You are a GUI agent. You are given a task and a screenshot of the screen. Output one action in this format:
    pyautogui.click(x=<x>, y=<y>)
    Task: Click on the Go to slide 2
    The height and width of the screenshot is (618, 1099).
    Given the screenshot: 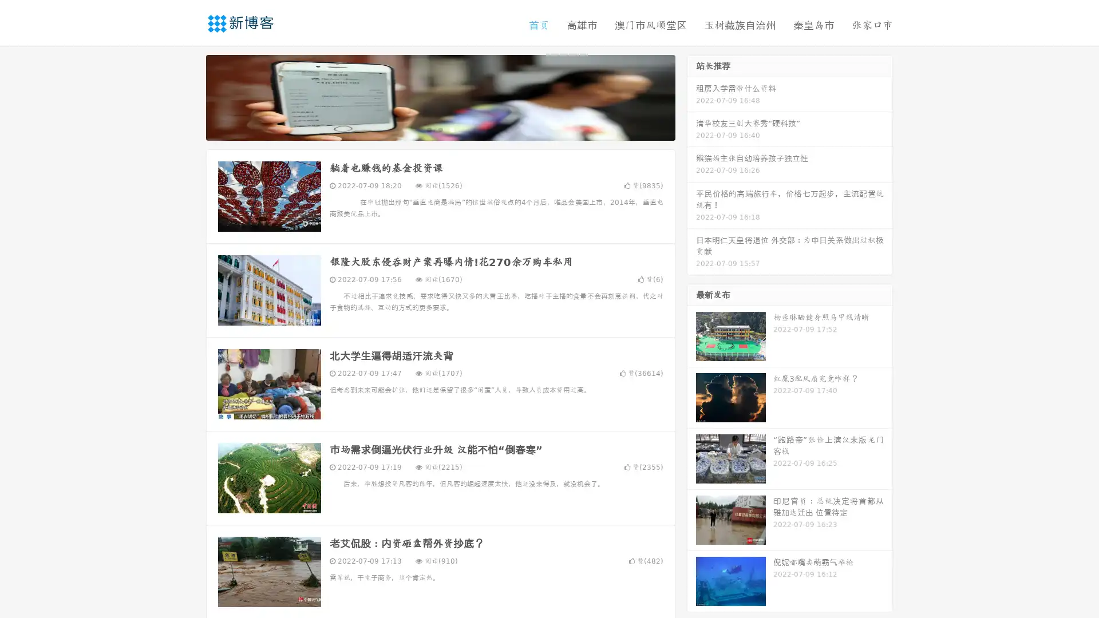 What is the action you would take?
    pyautogui.click(x=440, y=129)
    